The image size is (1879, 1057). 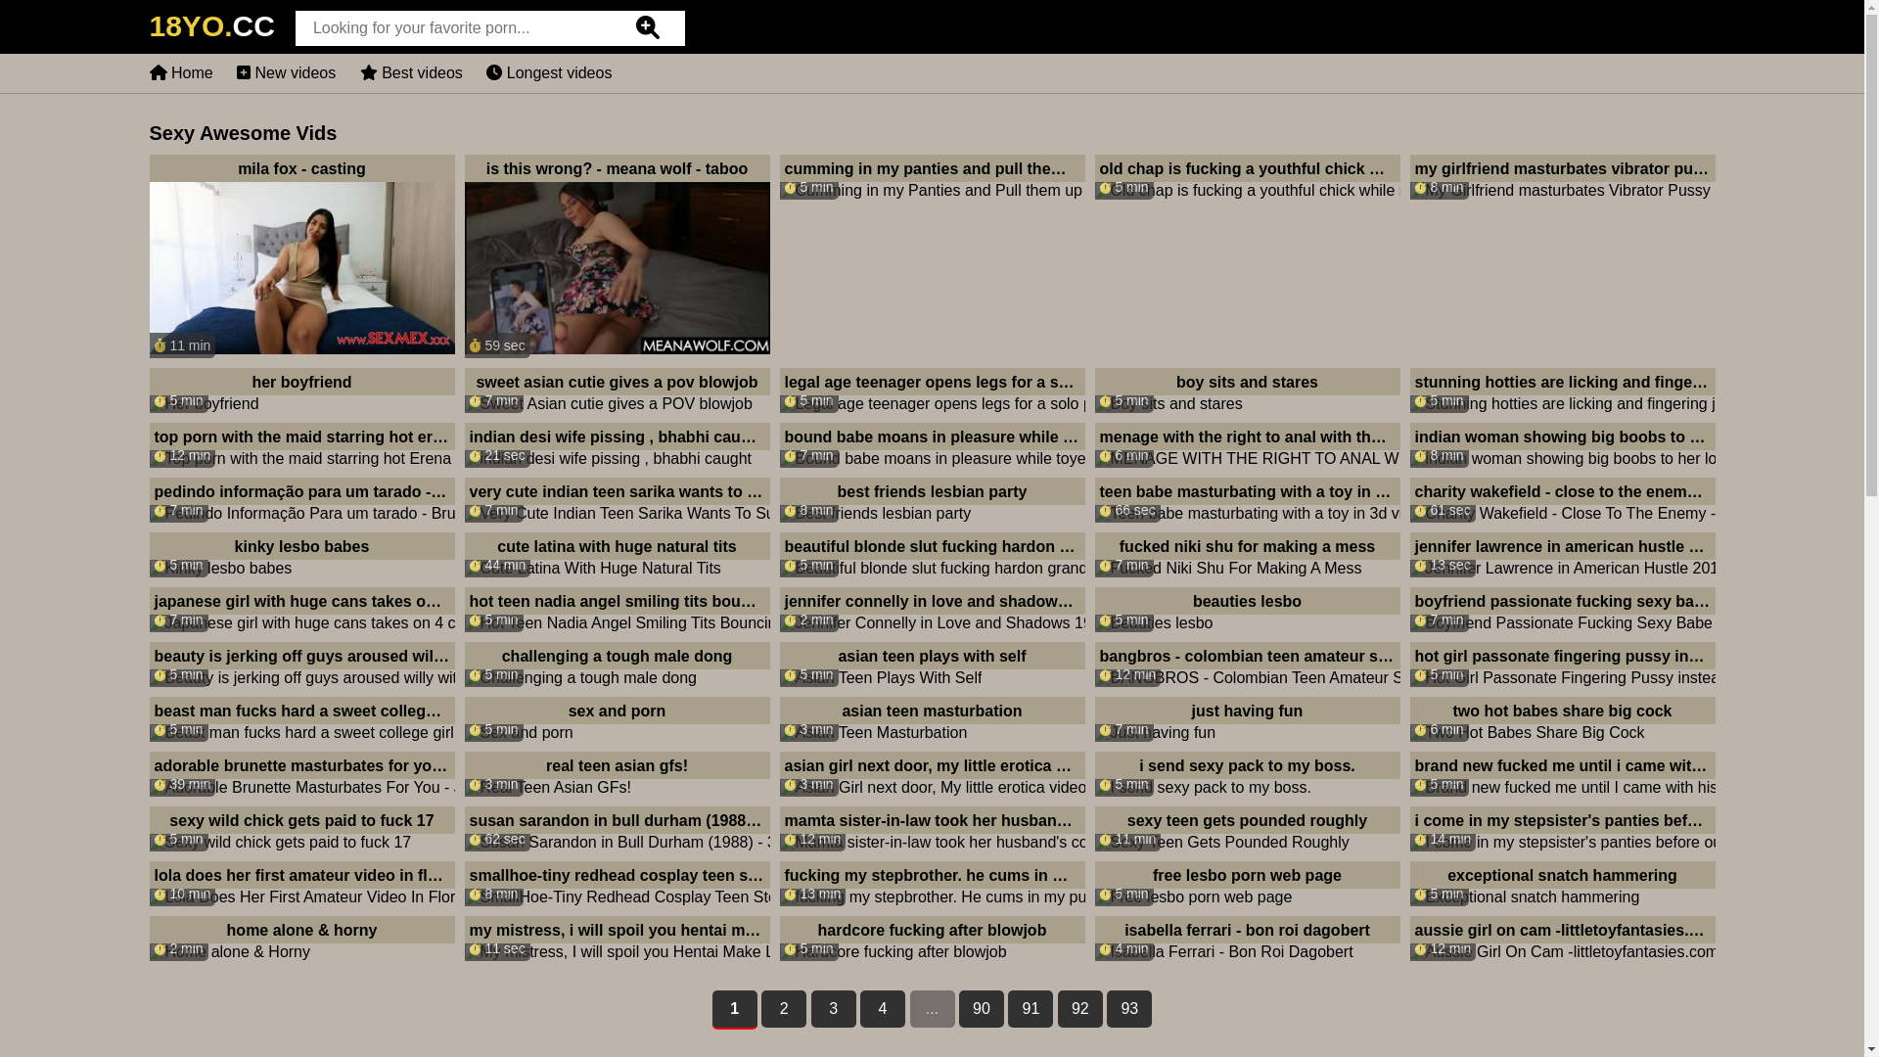 I want to click on '7 min, so click(x=930, y=445).